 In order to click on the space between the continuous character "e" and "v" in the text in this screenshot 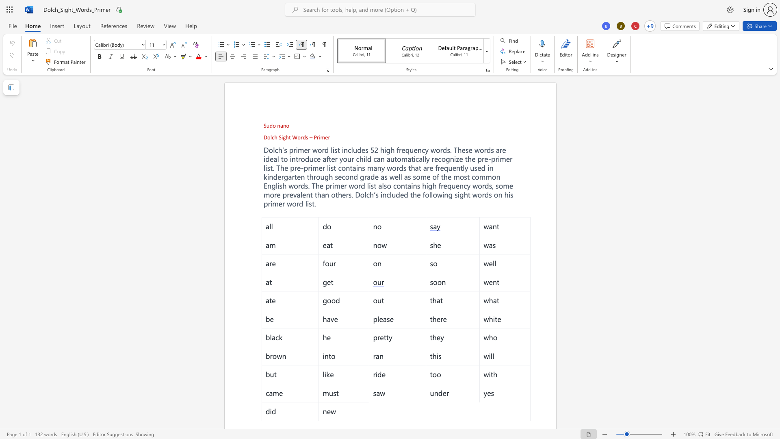, I will do `click(292, 194)`.